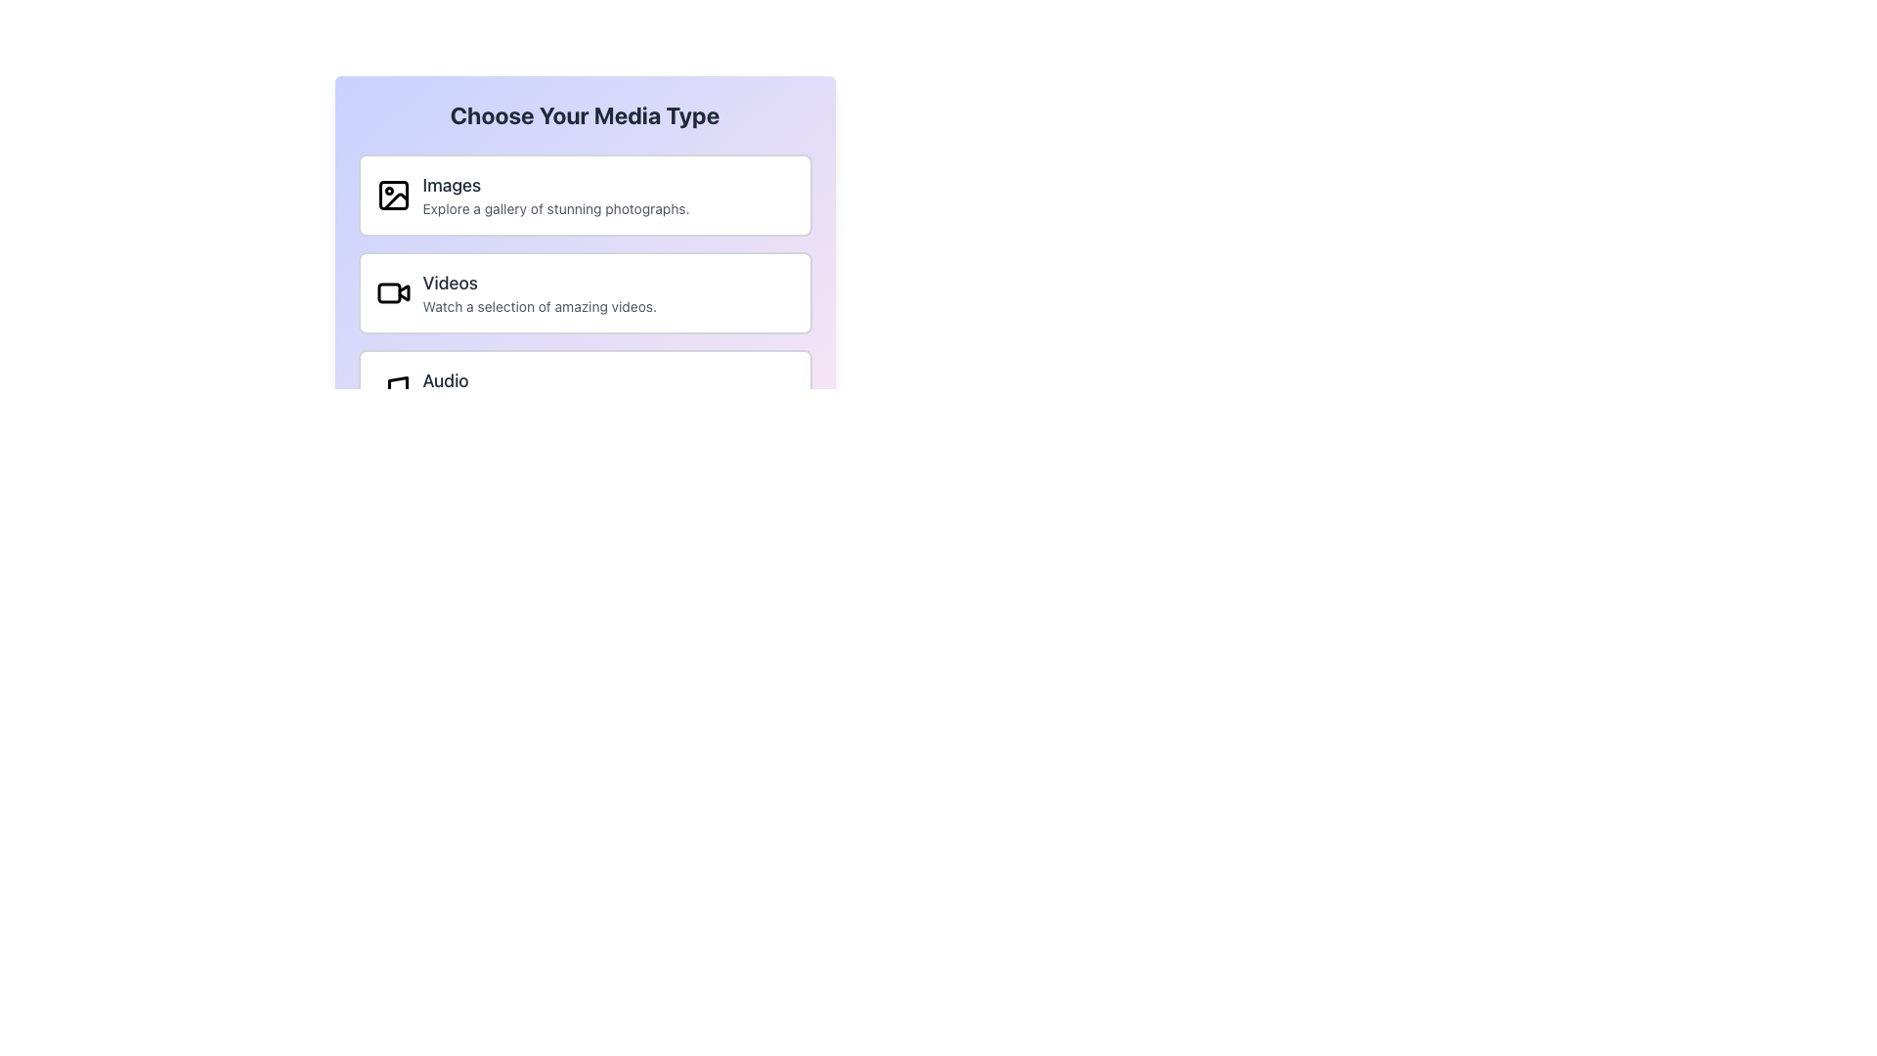 The width and height of the screenshot is (1877, 1056). I want to click on descriptive text label that says 'Watch a selection of amazing videos.' positioned below the title 'Videos', so click(540, 306).